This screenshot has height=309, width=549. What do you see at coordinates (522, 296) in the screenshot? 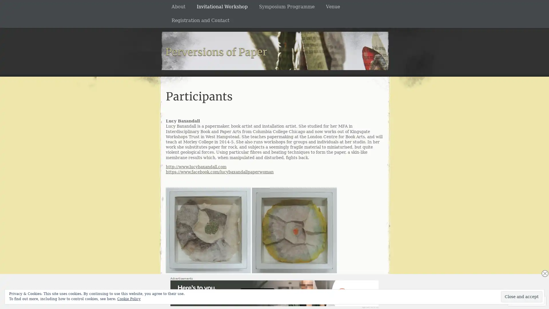
I see `Close and accept` at bounding box center [522, 296].